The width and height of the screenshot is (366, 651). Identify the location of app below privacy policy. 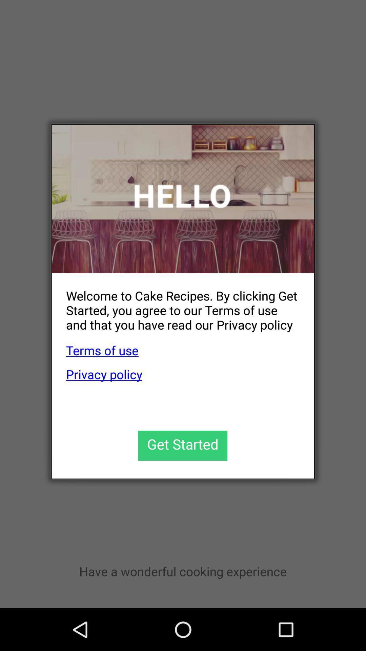
(182, 446).